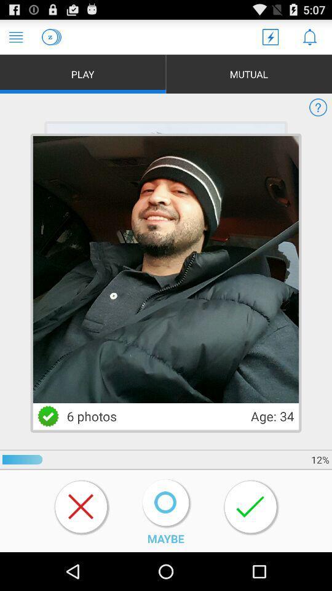 The height and width of the screenshot is (591, 332). Describe the element at coordinates (165, 502) in the screenshot. I see `the icon which is to the left of right button` at that location.